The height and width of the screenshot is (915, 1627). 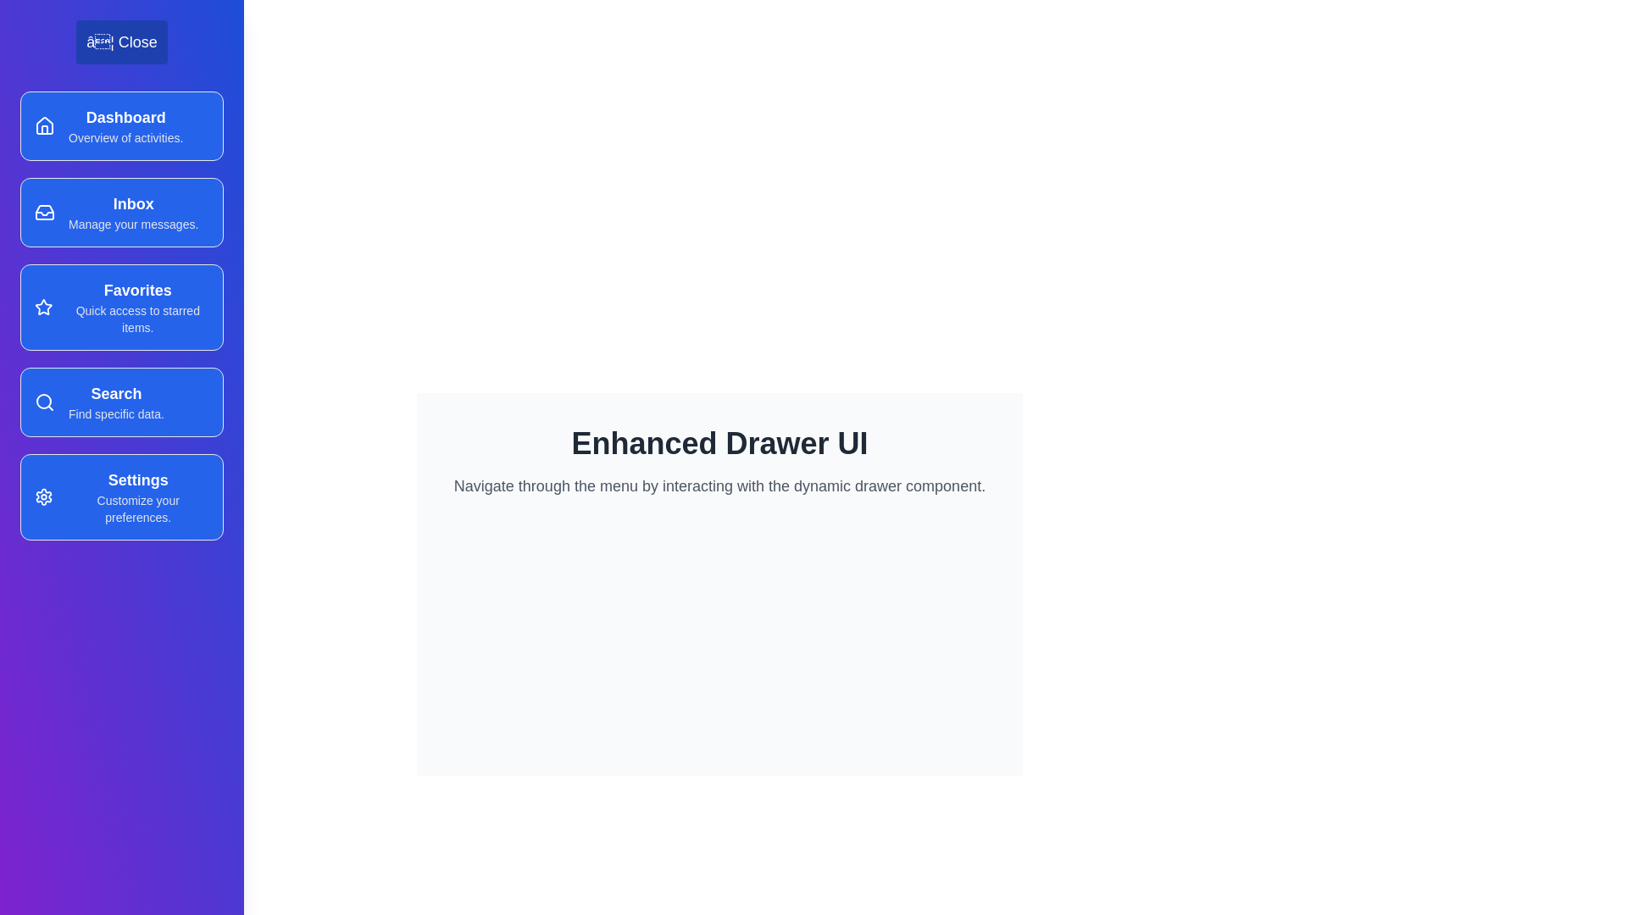 I want to click on the menu item Search, so click(x=121, y=402).